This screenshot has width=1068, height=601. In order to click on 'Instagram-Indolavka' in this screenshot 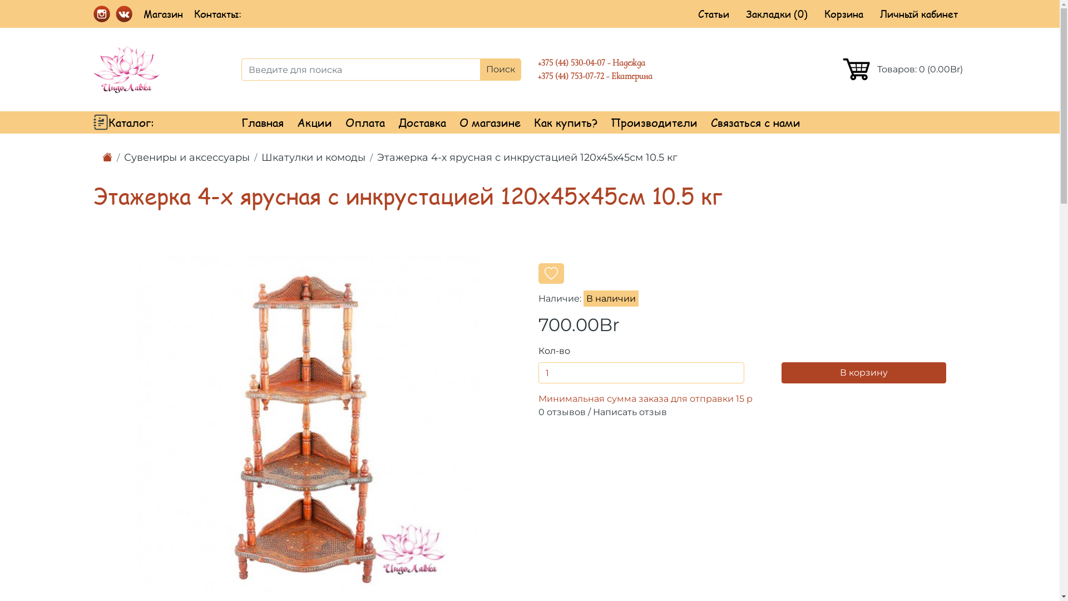, I will do `click(101, 13)`.